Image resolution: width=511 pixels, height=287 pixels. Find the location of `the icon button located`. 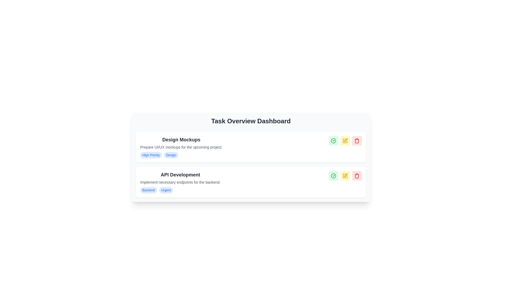

the icon button located is located at coordinates (333, 140).